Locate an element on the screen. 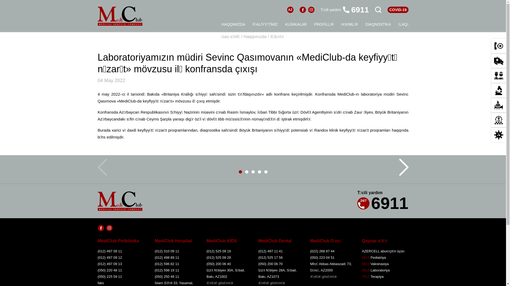 The height and width of the screenshot is (286, 510). '(012) 497 11 41' is located at coordinates (258, 251).